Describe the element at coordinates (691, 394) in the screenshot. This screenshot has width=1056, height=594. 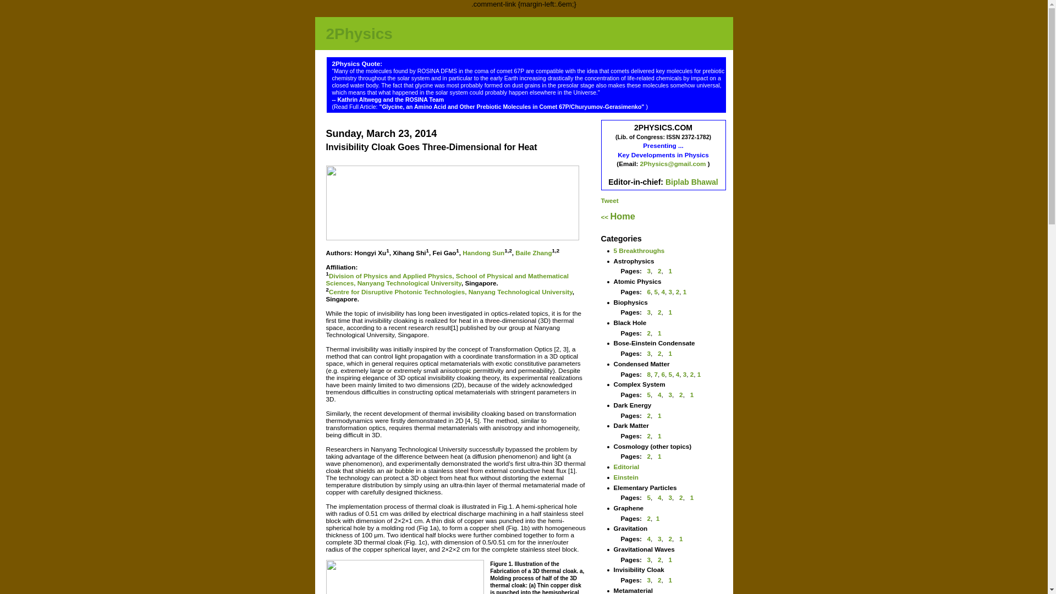
I see `'1'` at that location.